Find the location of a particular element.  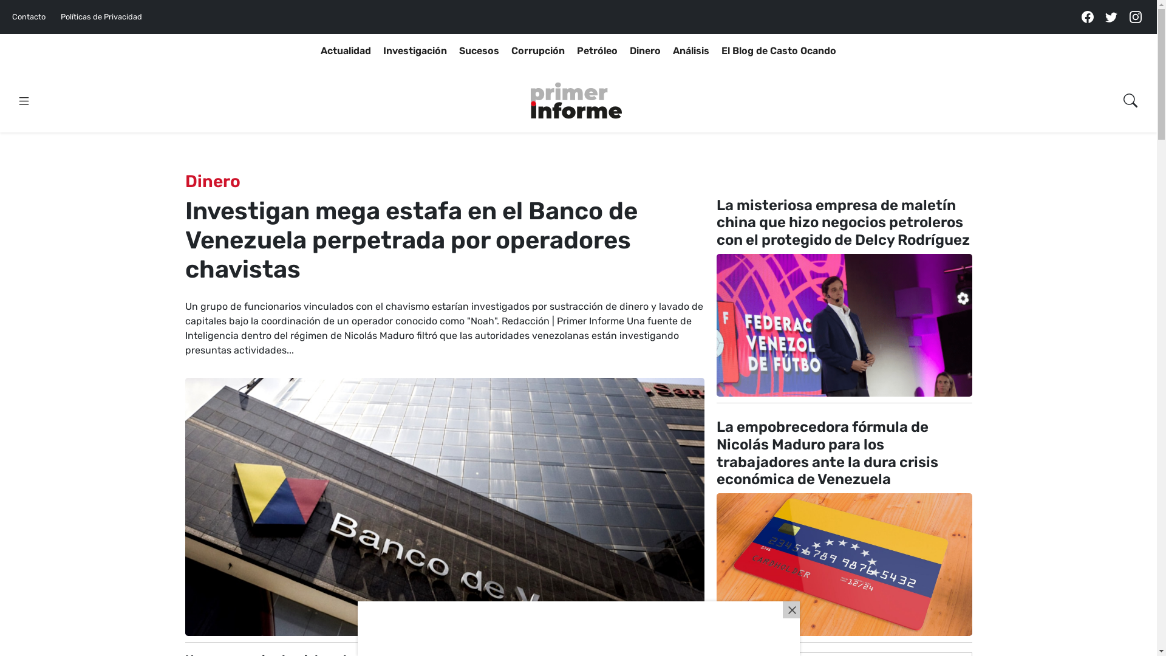

'BUSCAR' is located at coordinates (1107, 129).